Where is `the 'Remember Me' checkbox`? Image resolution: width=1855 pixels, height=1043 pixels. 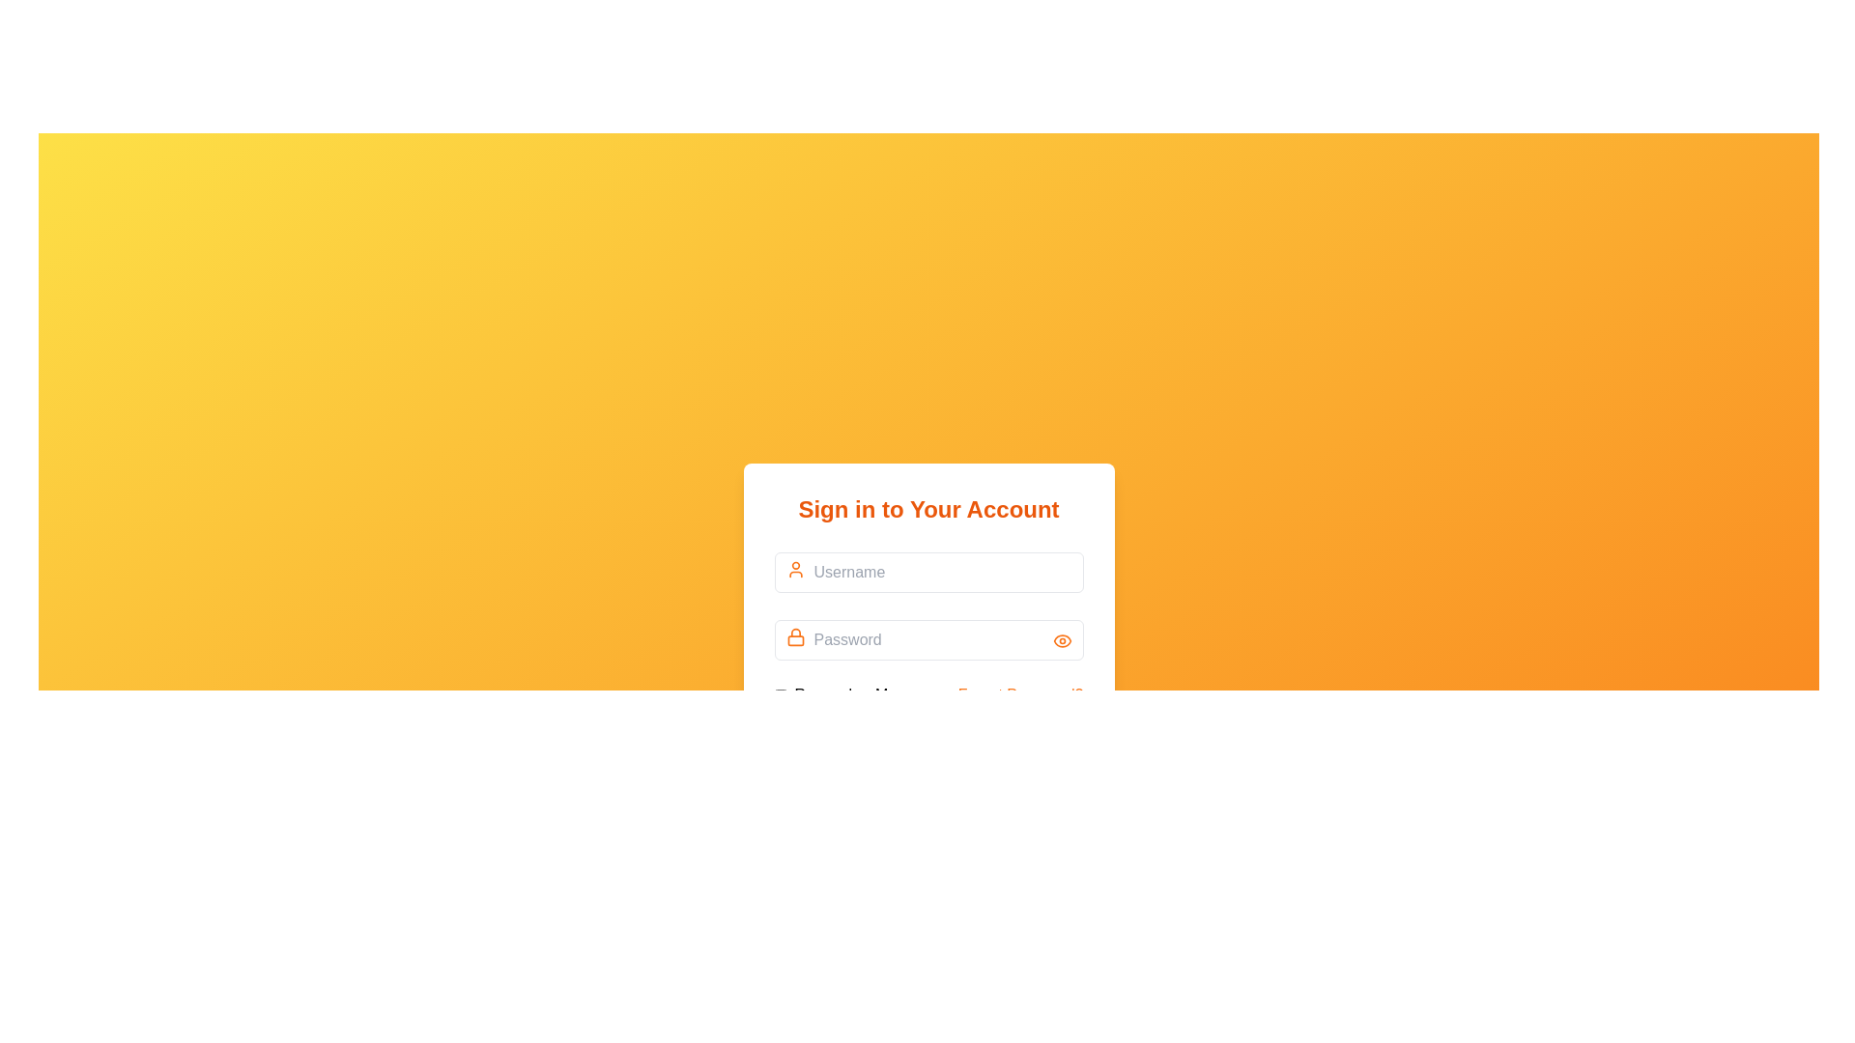 the 'Remember Me' checkbox is located at coordinates (835, 695).